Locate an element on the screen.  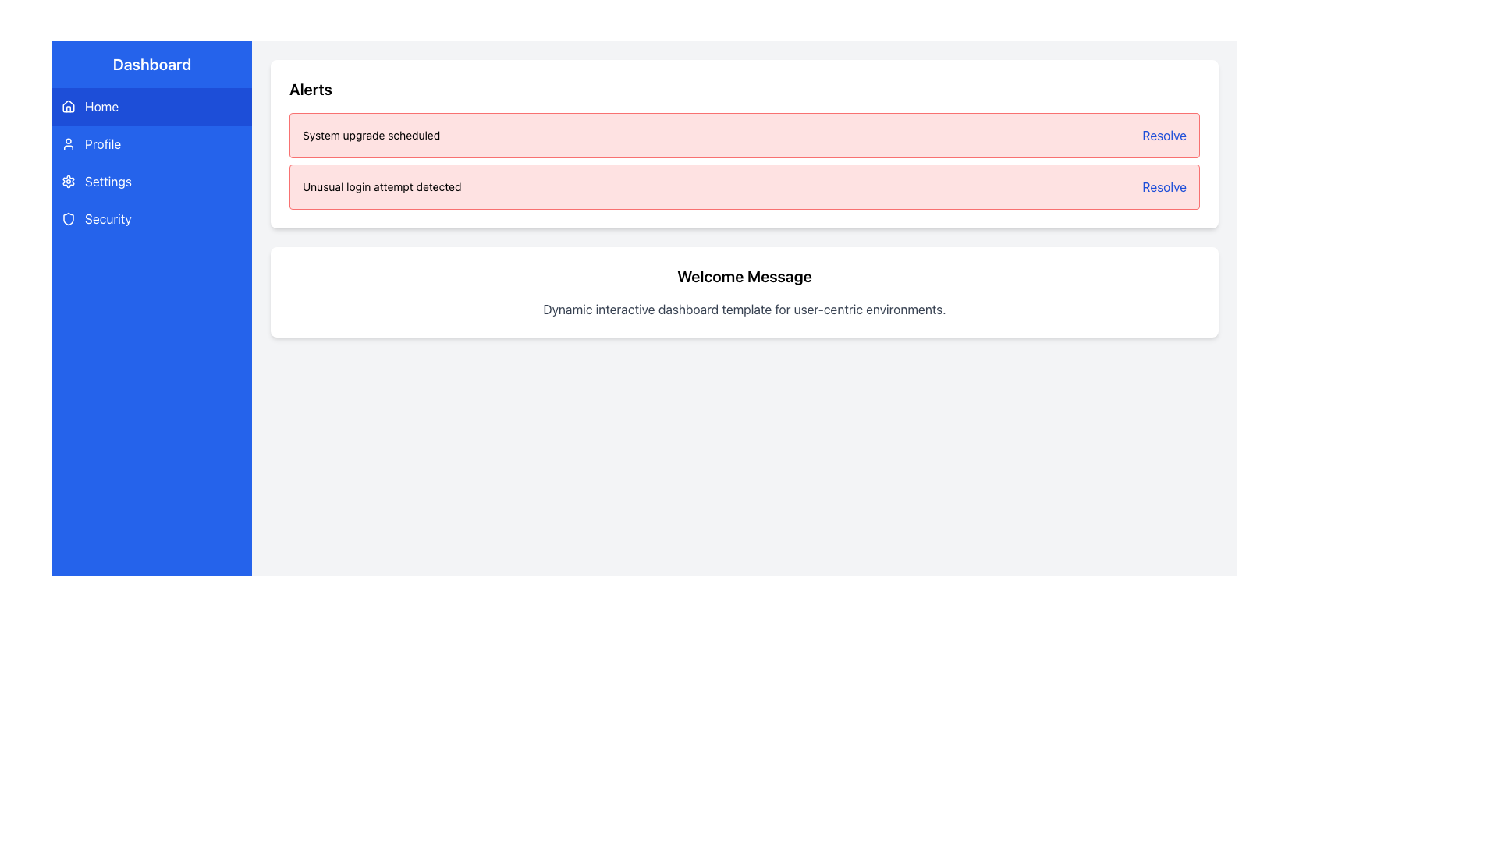
the 'Security' text label located in the left sidebar, which is the fourth item in the vertical list and positioned below 'Settings' is located at coordinates (107, 219).